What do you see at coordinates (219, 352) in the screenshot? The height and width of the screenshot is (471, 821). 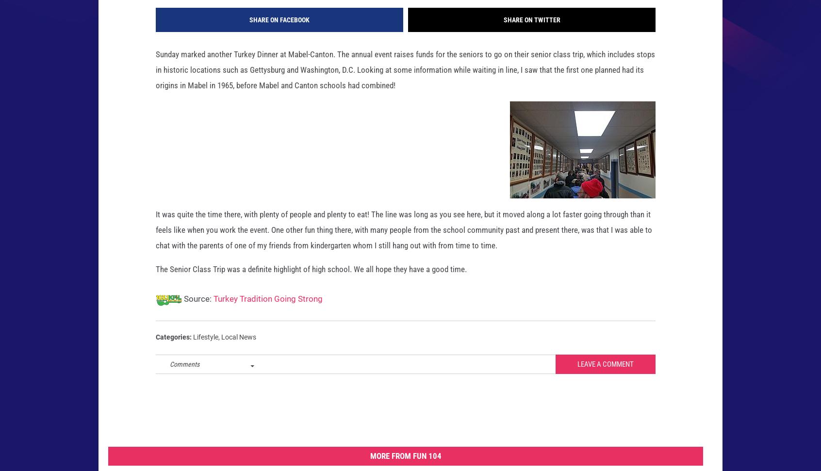 I see `','` at bounding box center [219, 352].